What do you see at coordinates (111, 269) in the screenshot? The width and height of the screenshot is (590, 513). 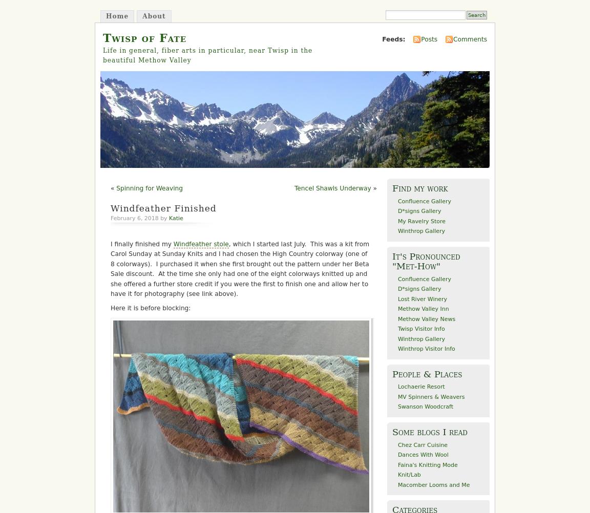 I see `', which I started last July.  This was a kit from Carol Sunday at Sunday Knits and I had chosen the High Country colorway (one of 8 colorways).  I purchased it when she first brought out the pattern under her Beta Sale discount.  At the time she only had one of the eight colorways knitted up and she offered a further store credit if you were the first to finish one and allow her to have it for photography (see link above).'` at bounding box center [111, 269].